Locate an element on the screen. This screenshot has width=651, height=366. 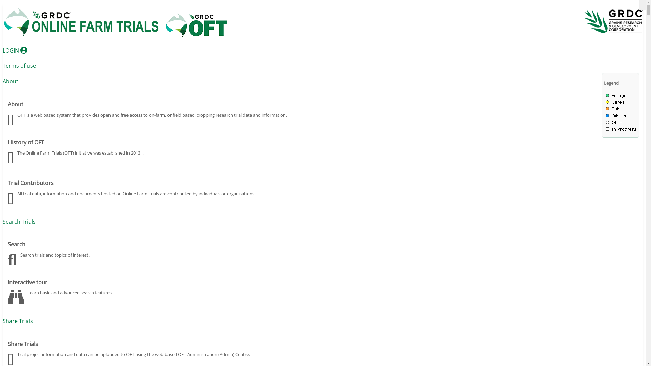
'Toggle navigation' is located at coordinates (642, 5).